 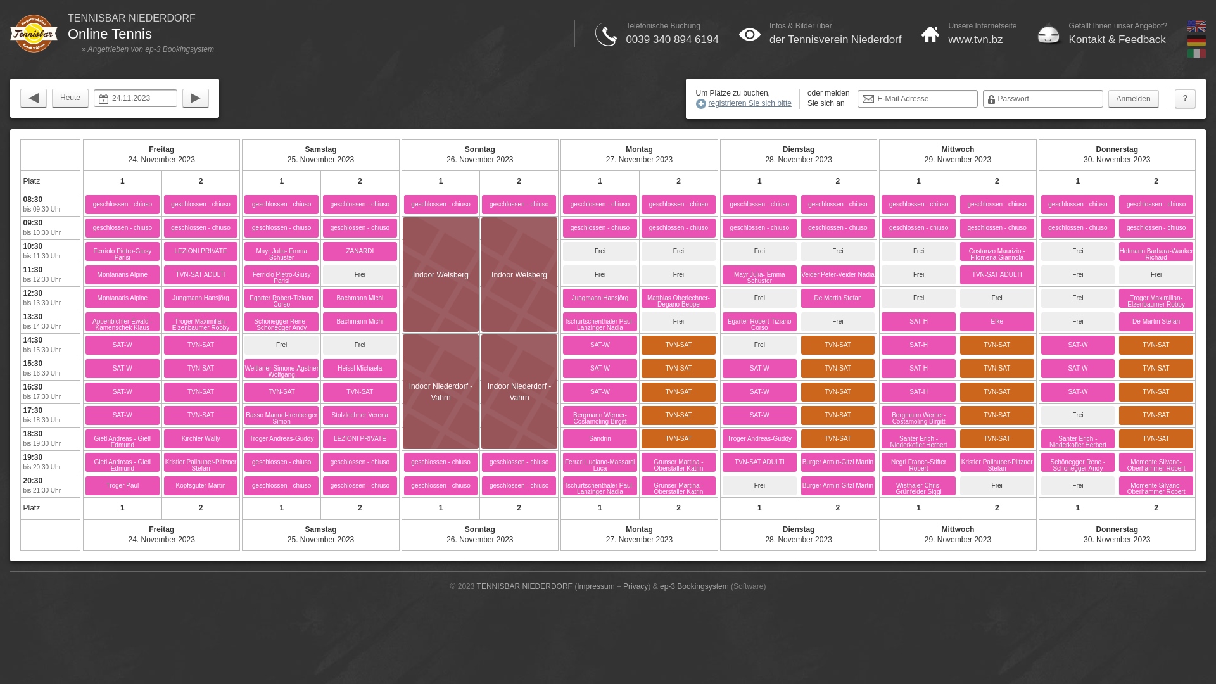 What do you see at coordinates (359, 321) in the screenshot?
I see `'Bachmann Michi'` at bounding box center [359, 321].